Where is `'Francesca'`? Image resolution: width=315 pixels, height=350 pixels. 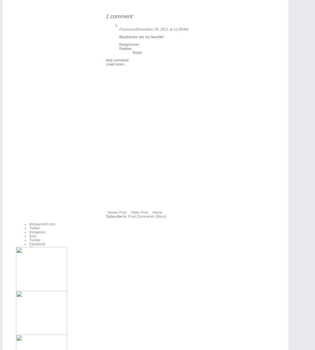
'Francesca' is located at coordinates (127, 29).